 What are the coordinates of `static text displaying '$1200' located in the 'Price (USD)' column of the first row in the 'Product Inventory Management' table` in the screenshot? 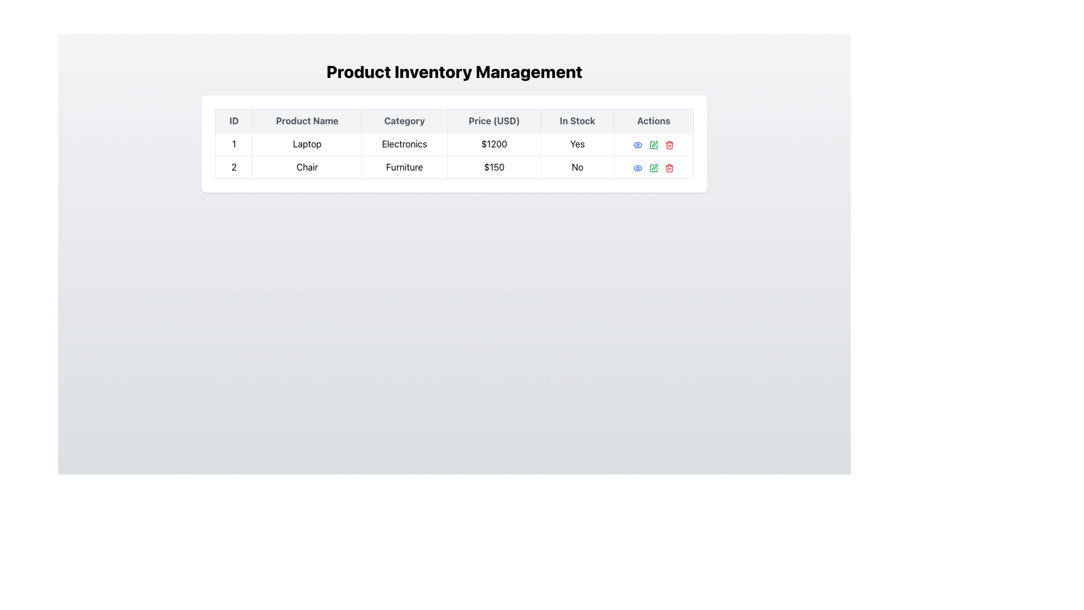 It's located at (494, 143).